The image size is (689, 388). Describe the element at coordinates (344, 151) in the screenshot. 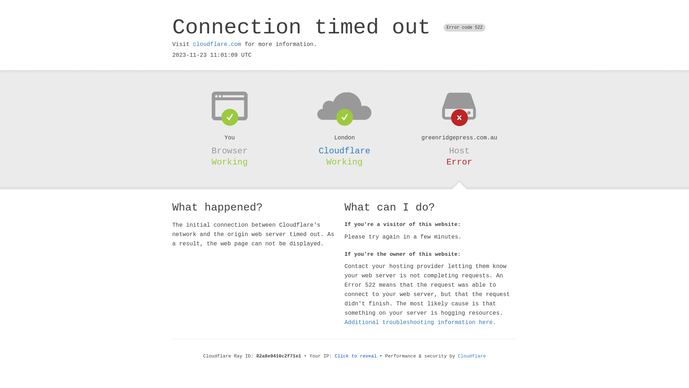

I see `'Cloudflare'` at that location.